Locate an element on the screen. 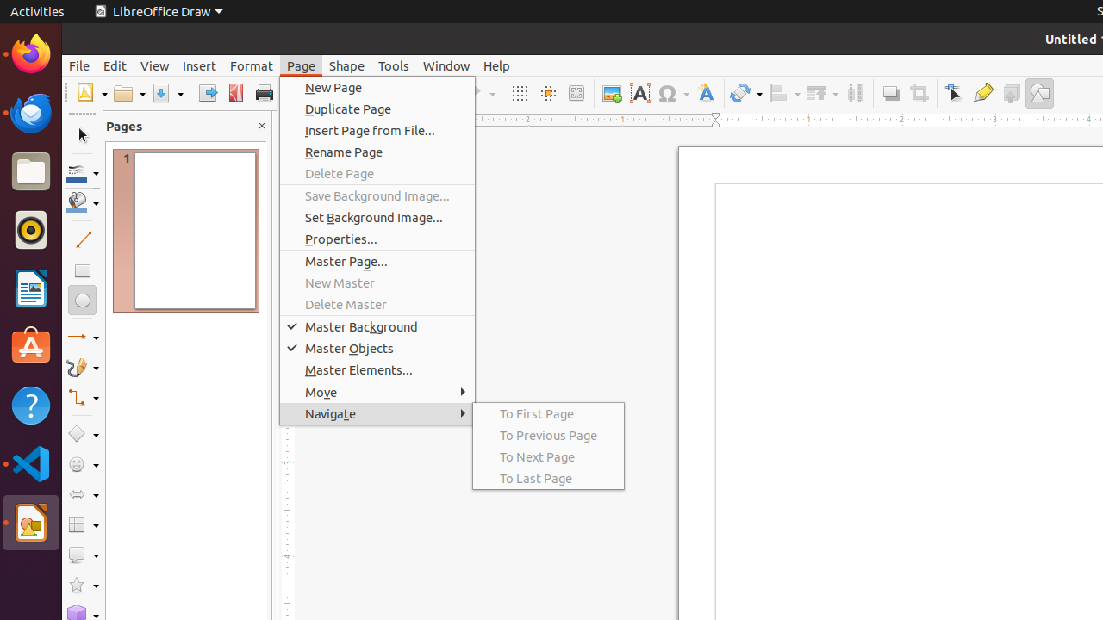 Image resolution: width=1103 pixels, height=620 pixels. 'Rhythmbox' is located at coordinates (30, 228).